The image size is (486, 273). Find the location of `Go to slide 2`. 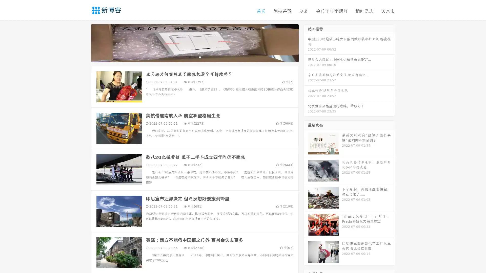

Go to slide 2 is located at coordinates (194, 57).